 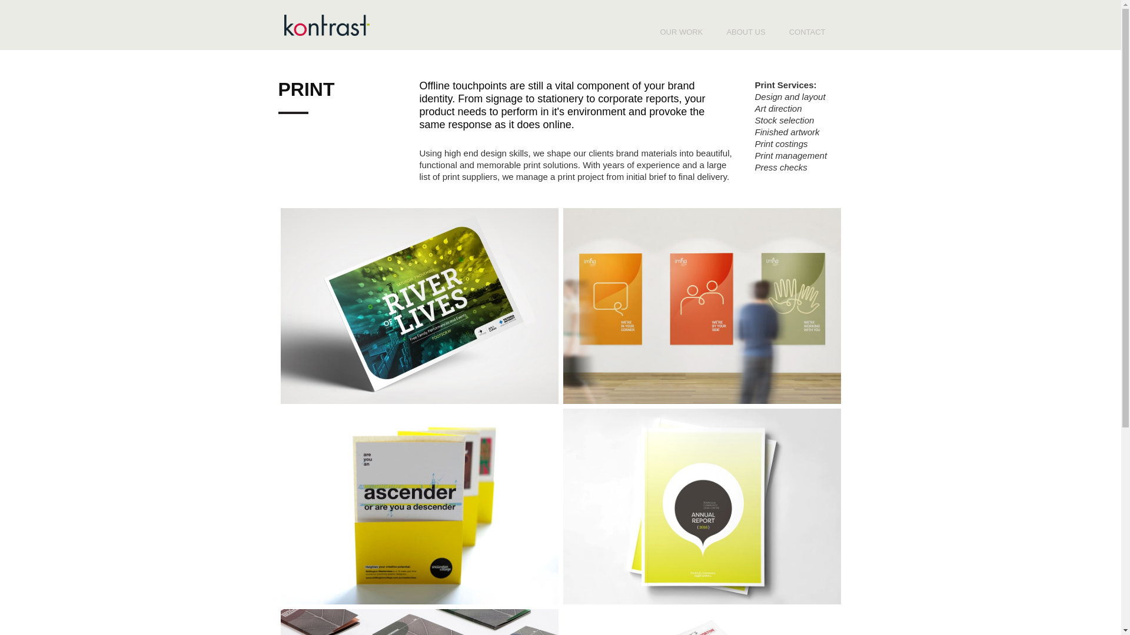 I want to click on 'OUR WORK', so click(x=681, y=31).